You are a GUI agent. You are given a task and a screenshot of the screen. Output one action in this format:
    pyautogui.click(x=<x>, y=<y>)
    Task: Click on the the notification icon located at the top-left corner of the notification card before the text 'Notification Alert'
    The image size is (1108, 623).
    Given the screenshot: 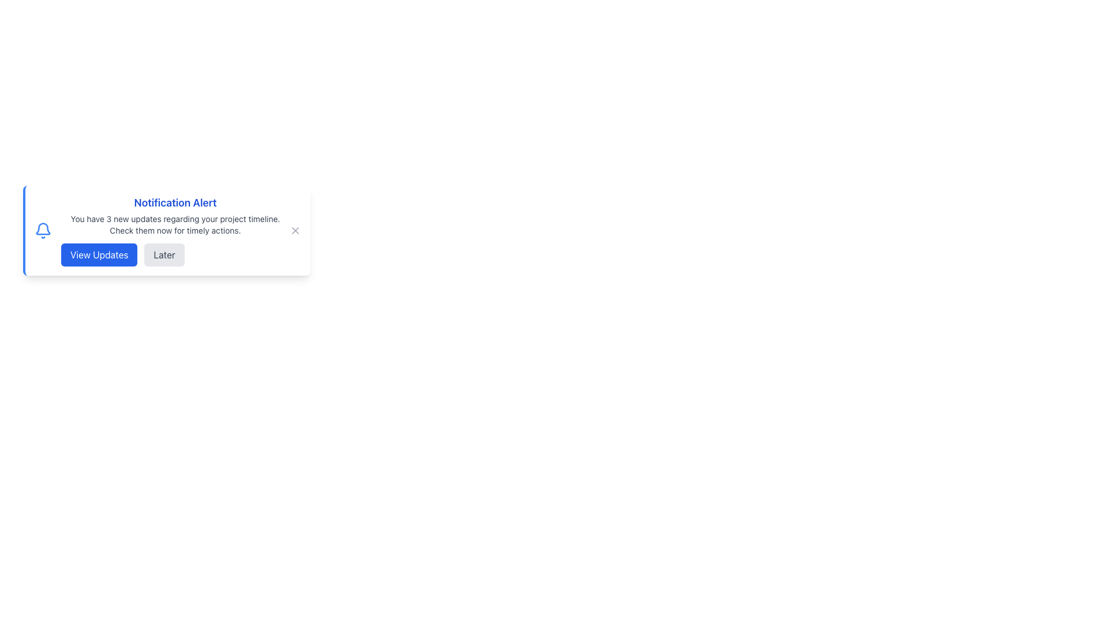 What is the action you would take?
    pyautogui.click(x=43, y=231)
    